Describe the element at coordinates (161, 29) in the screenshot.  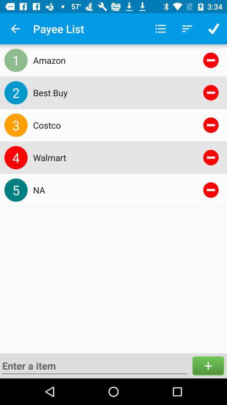
I see `the icon to the right of the payee list` at that location.